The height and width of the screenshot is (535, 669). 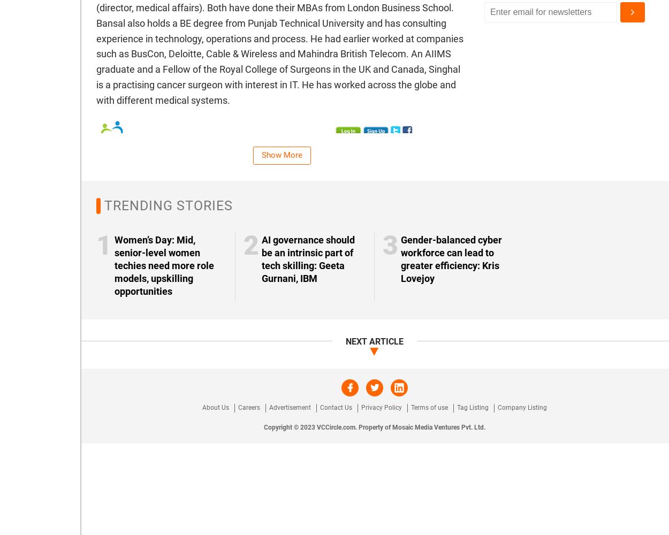 What do you see at coordinates (277, 388) in the screenshot?
I see `'The concept behind the venture is based on the fact that most people in India are not aware whom to consult for check-up and/or treatment. Earlier, there was no easy-to-access platform to search for nearest doctors who meet one's requirements (in terms of specialisation, fee, timing, etc.). The portal aggregates doctors, along with their specialisations, fees and other relevant information, enabling patients to decide when and where to go, detailed Bansal.'` at bounding box center [277, 388].